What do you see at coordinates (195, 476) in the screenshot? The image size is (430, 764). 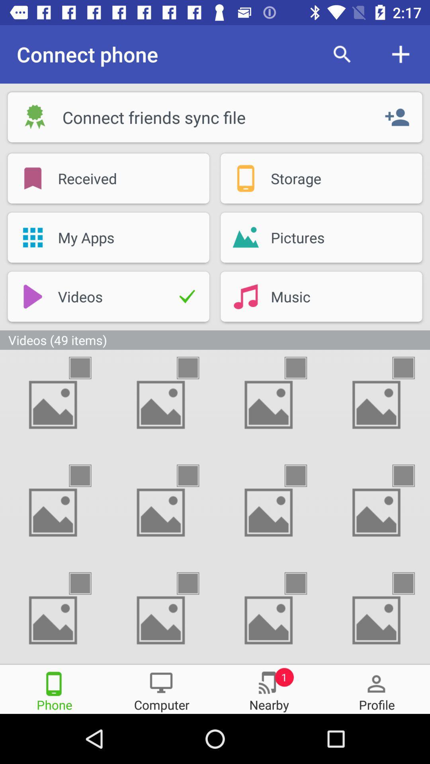 I see `to mark the video` at bounding box center [195, 476].